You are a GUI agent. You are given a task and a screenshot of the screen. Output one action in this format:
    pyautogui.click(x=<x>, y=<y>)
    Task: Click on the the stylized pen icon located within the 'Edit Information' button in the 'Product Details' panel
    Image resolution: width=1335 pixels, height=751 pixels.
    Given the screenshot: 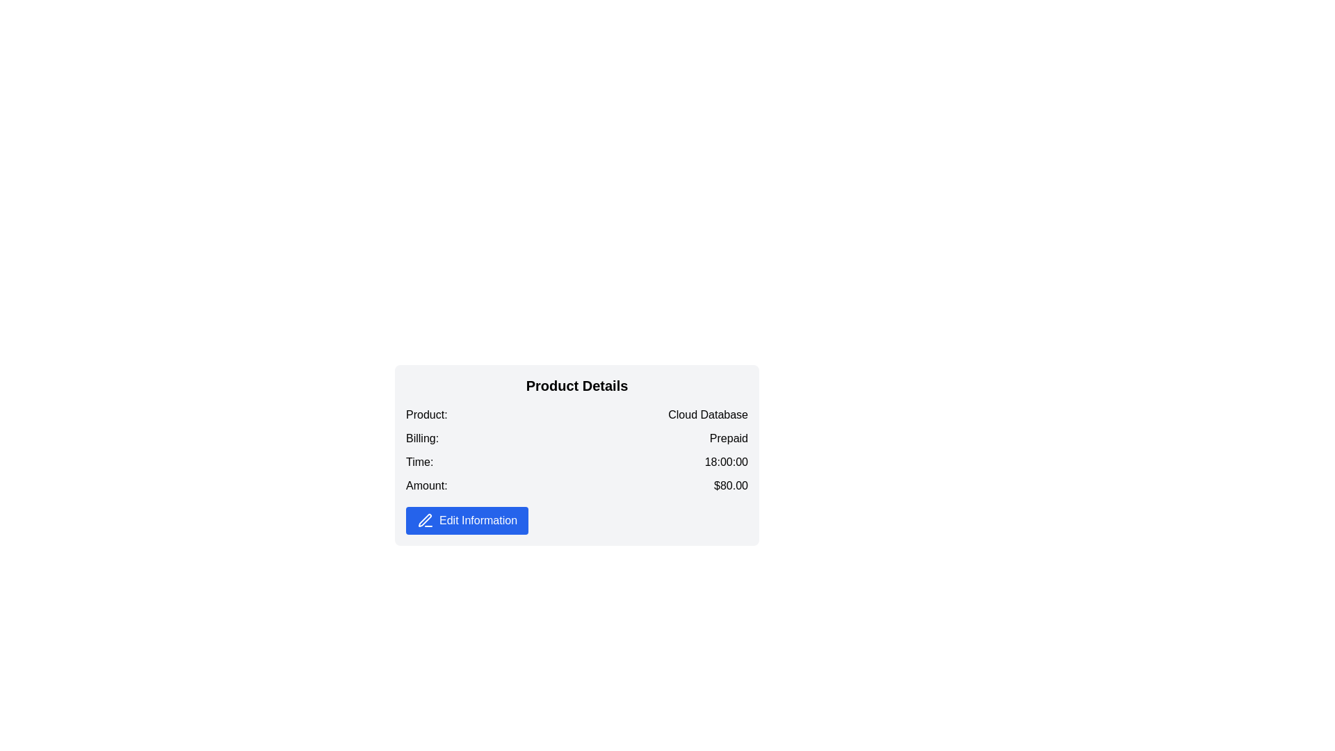 What is the action you would take?
    pyautogui.click(x=424, y=520)
    